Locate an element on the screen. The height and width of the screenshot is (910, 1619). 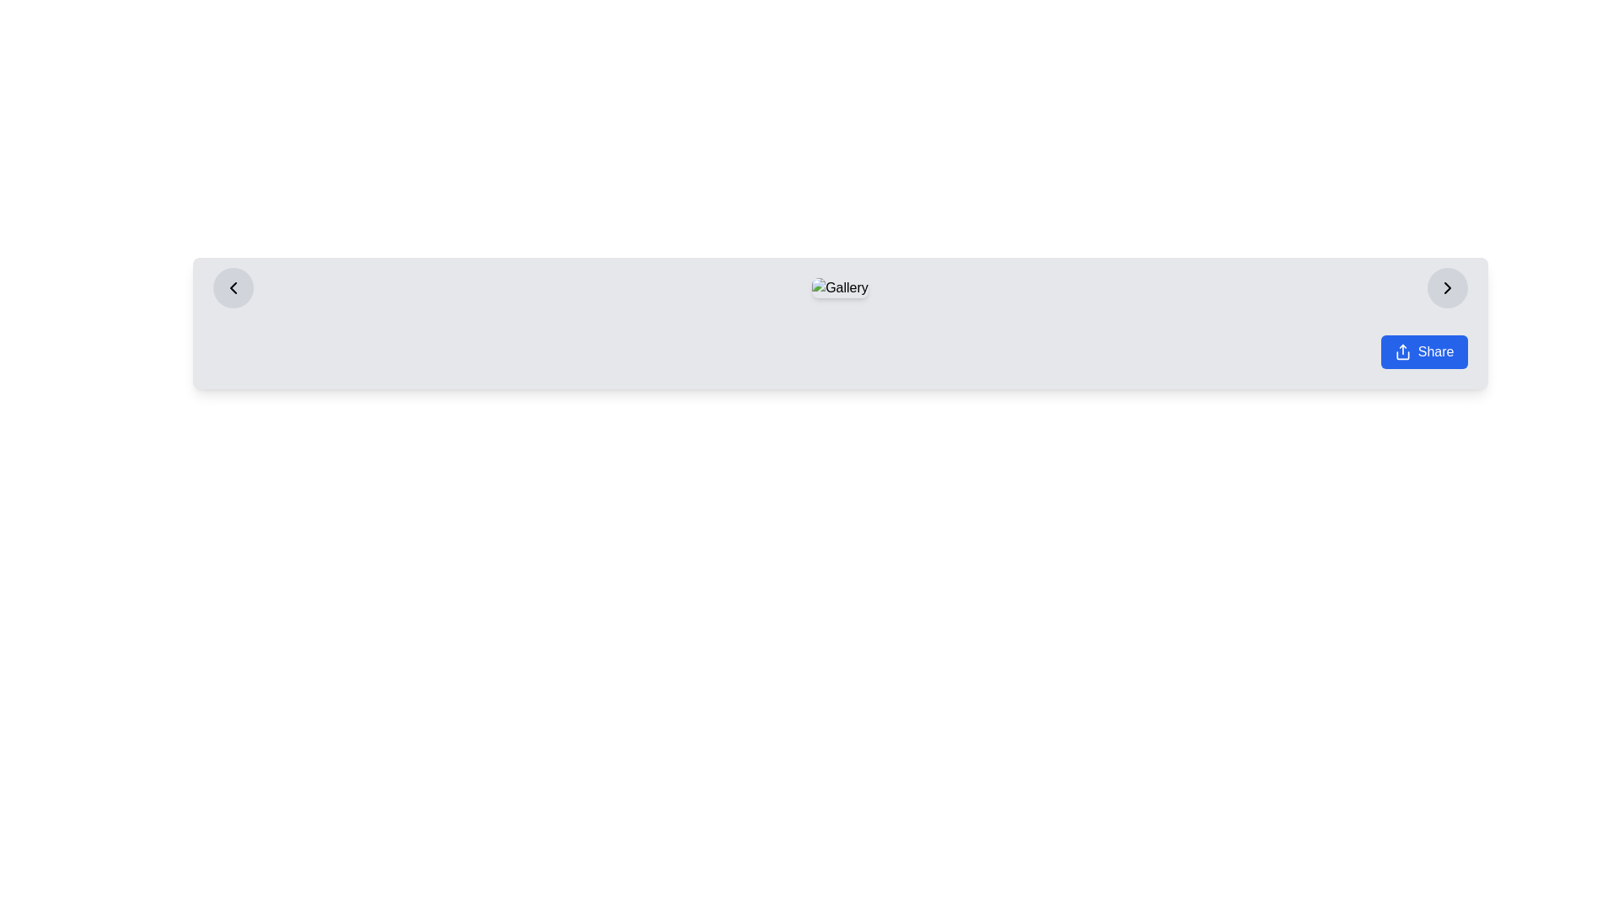
the Carousel navigation element located in the middle of the card layout is located at coordinates (840, 316).